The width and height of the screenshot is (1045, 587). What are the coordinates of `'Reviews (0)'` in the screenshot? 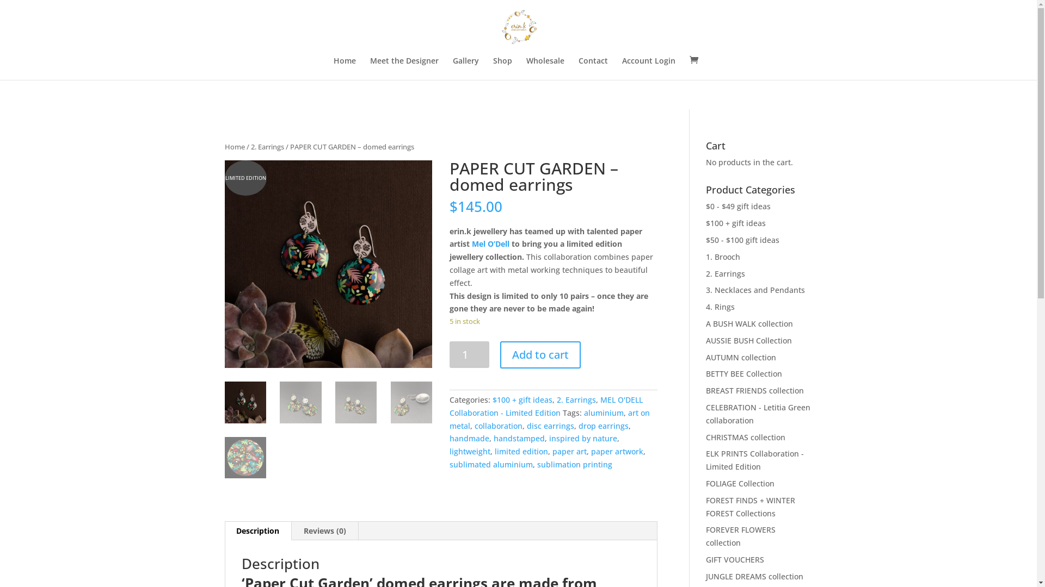 It's located at (324, 530).